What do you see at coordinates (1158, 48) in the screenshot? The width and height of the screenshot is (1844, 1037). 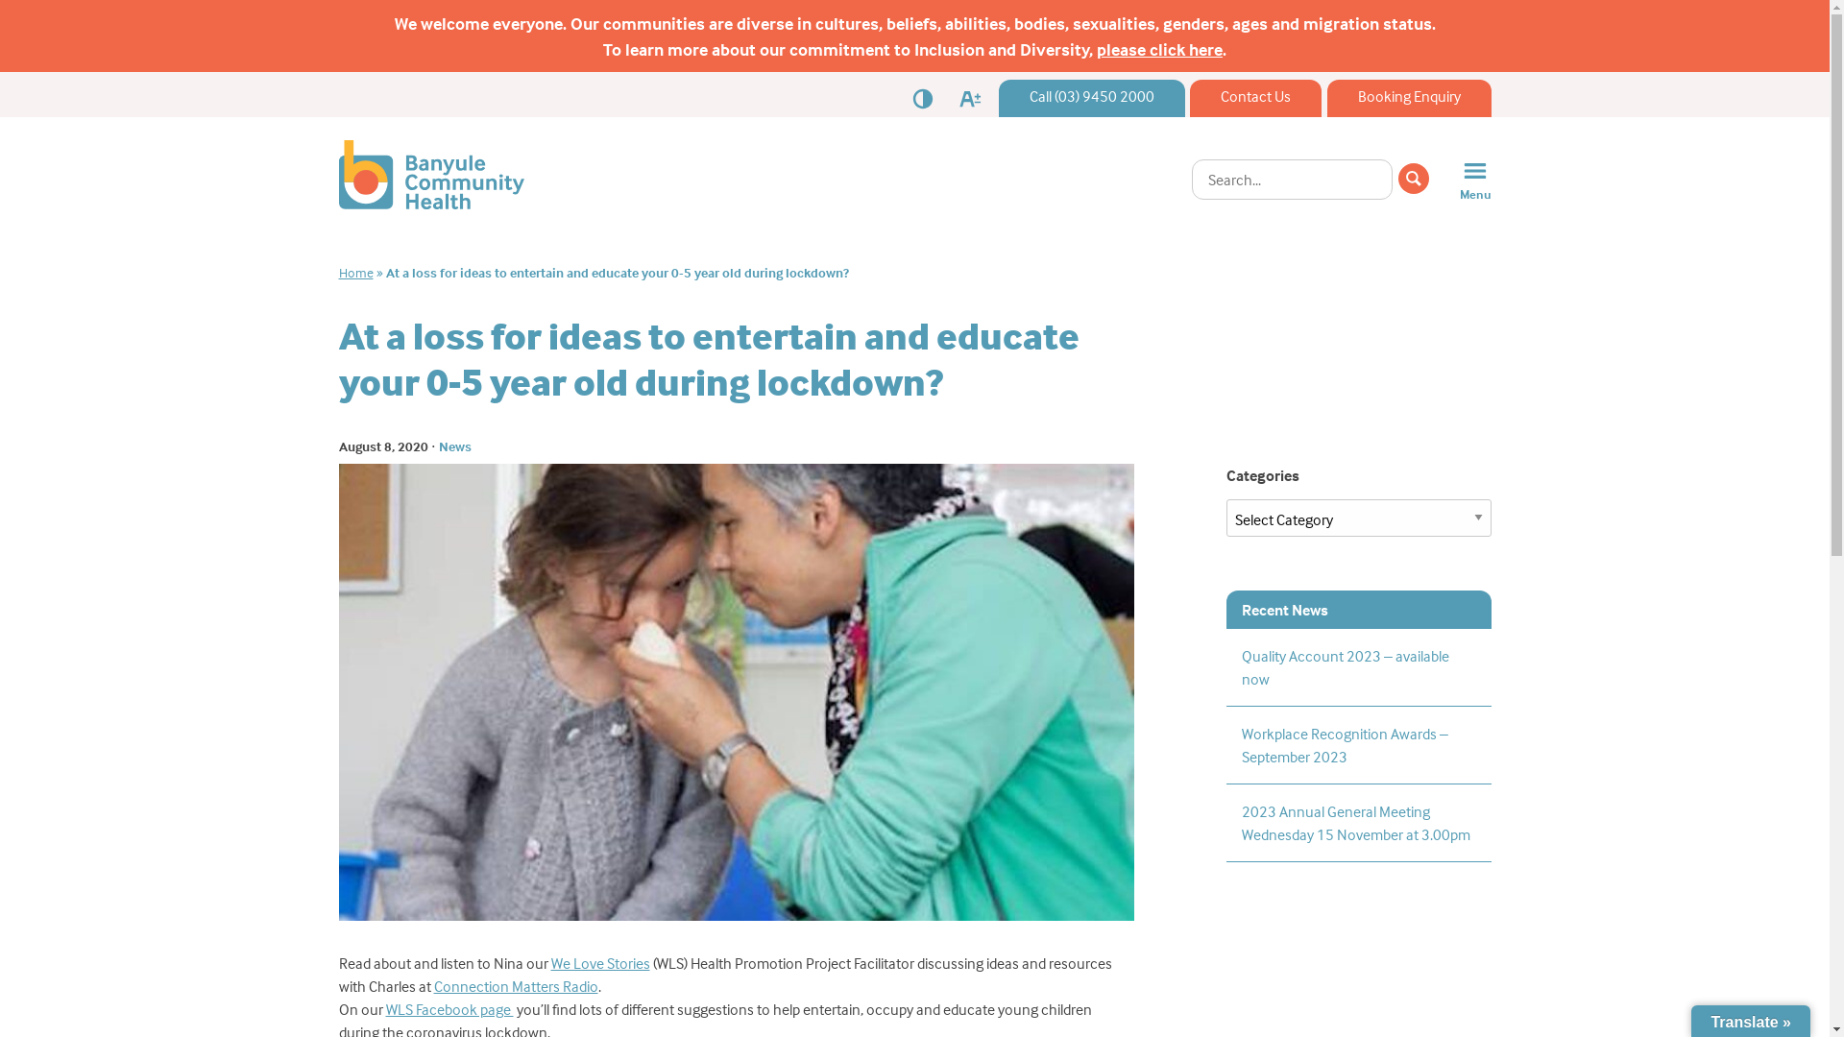 I see `'please click here'` at bounding box center [1158, 48].